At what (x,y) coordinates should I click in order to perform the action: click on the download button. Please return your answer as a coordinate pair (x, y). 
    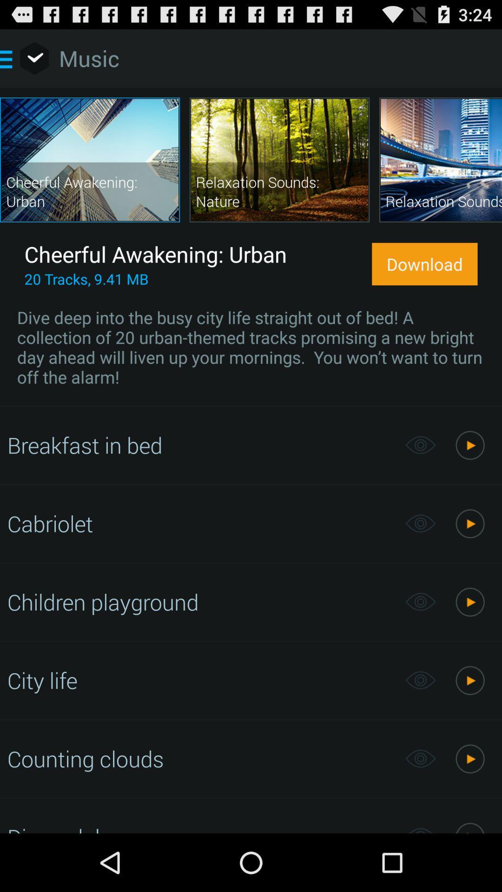
    Looking at the image, I should click on (424, 263).